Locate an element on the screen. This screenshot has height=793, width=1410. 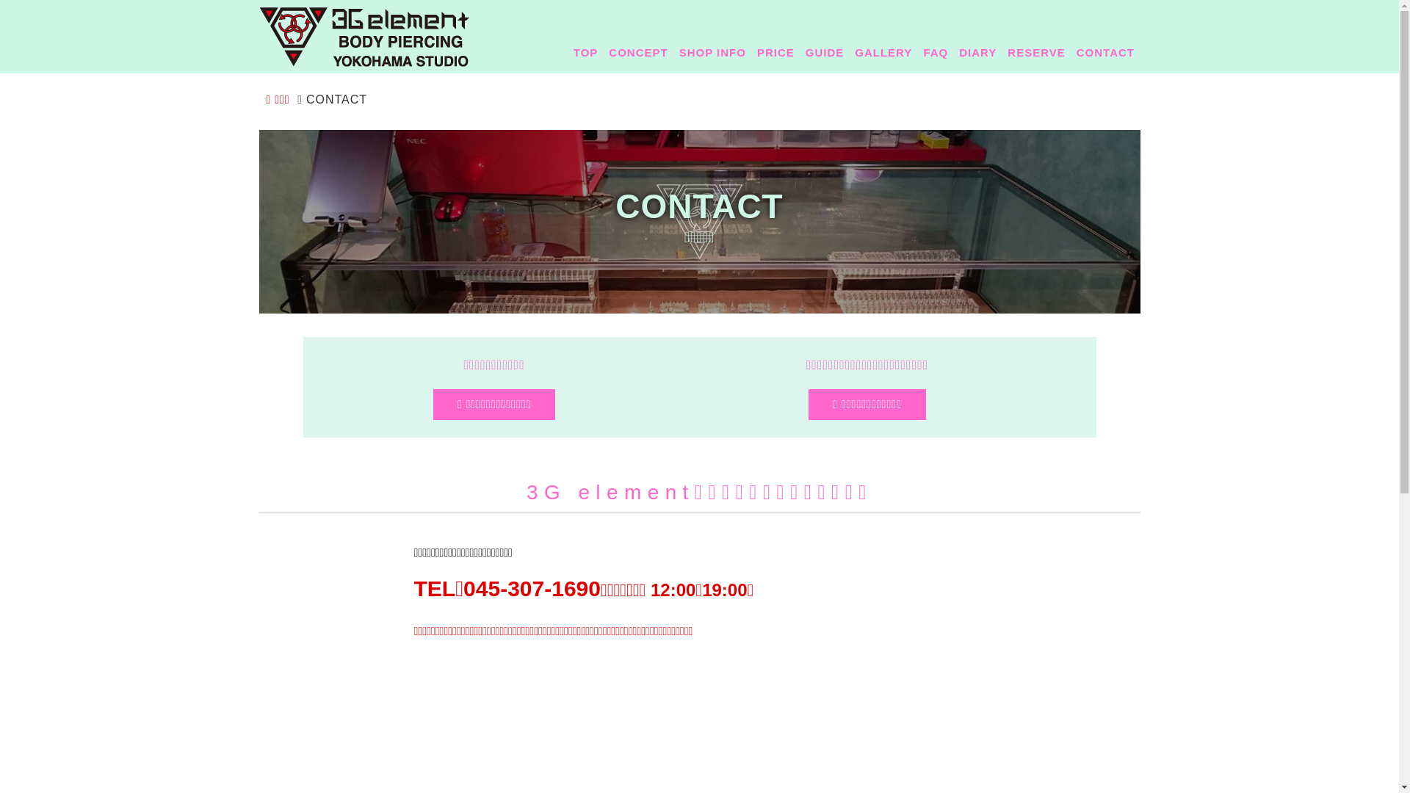
'CONTACT' is located at coordinates (1105, 51).